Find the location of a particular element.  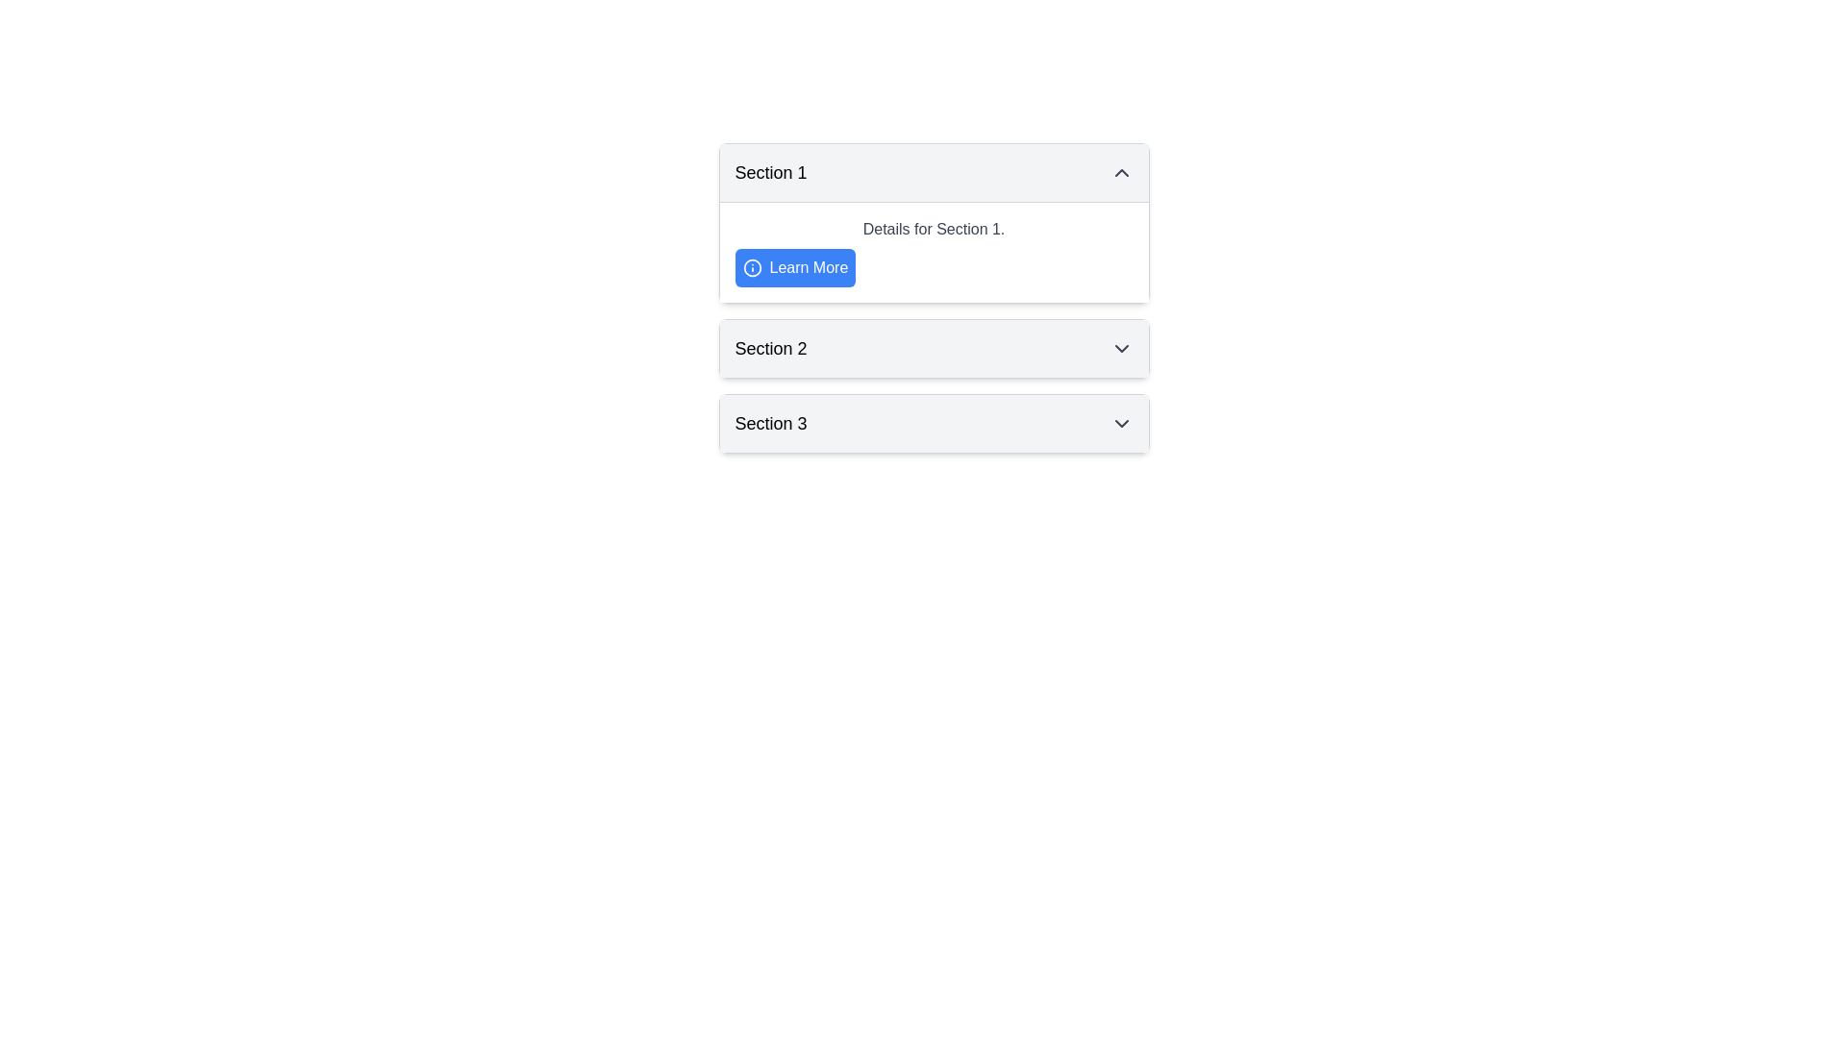

the upward-pointing chevron icon used to toggle the collapse of 'Section 1' details is located at coordinates (1121, 173).